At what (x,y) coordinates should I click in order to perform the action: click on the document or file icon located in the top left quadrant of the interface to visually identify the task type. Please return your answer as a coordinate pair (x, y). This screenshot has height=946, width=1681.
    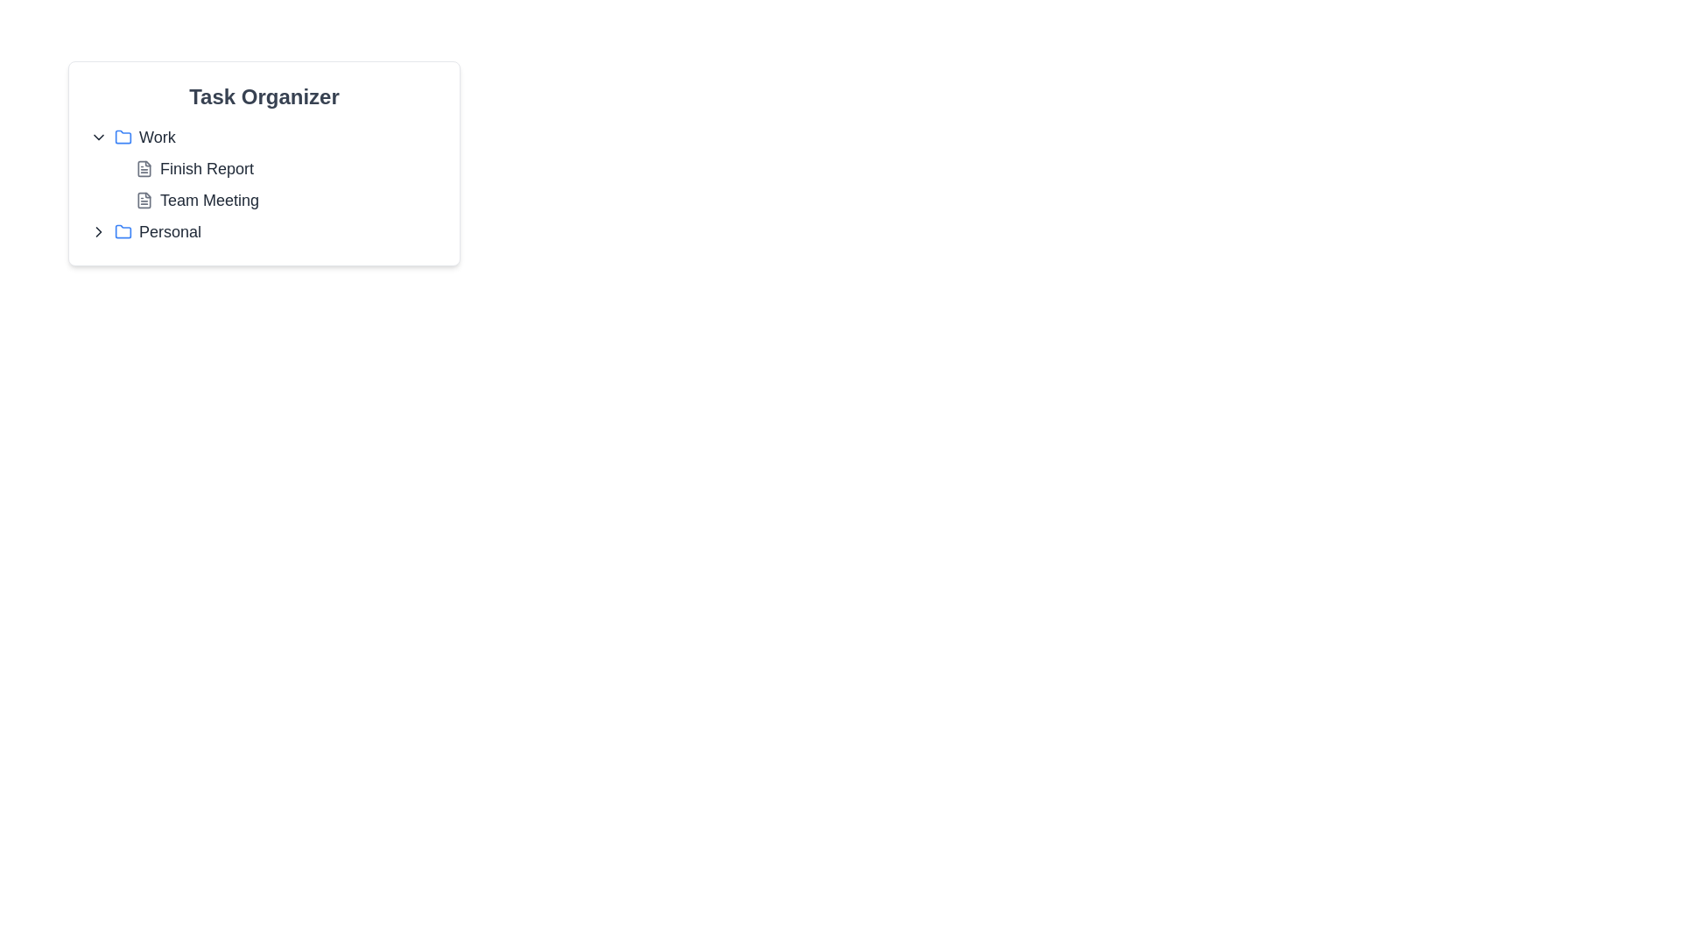
    Looking at the image, I should click on (144, 199).